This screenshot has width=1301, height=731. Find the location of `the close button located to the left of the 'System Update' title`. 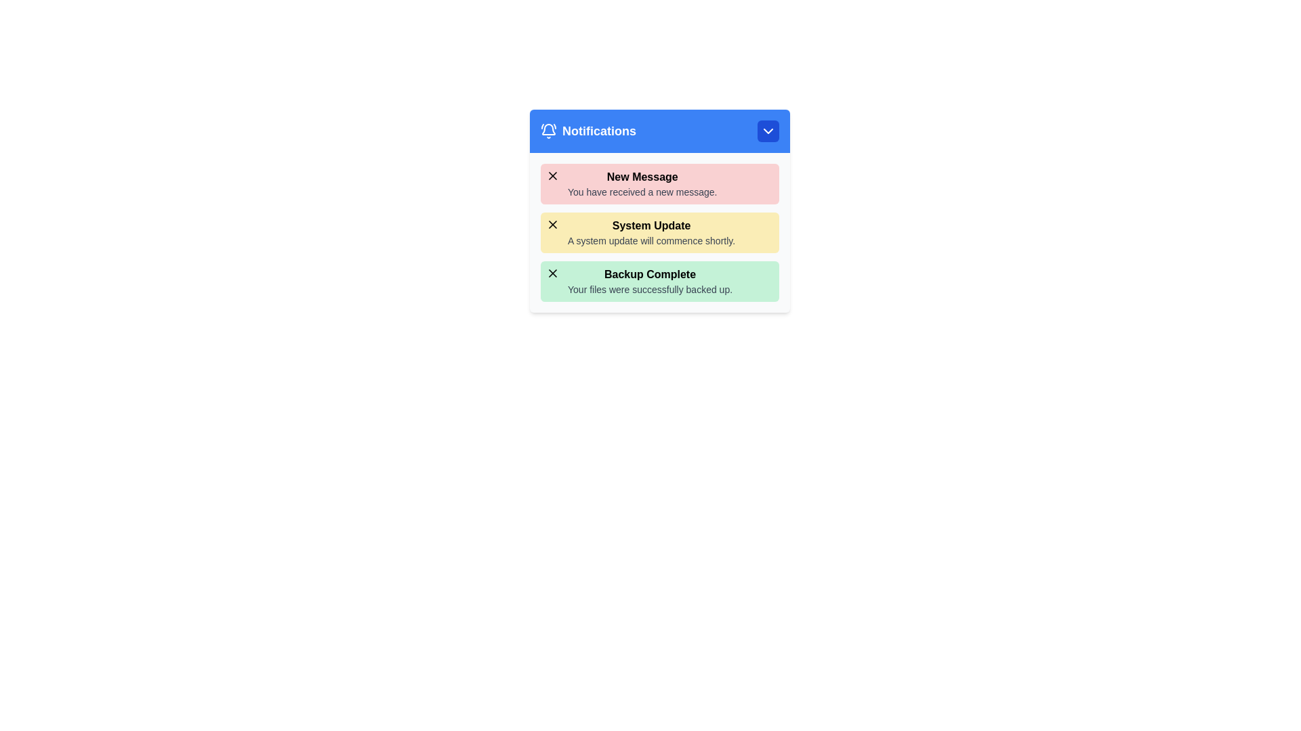

the close button located to the left of the 'System Update' title is located at coordinates (553, 223).